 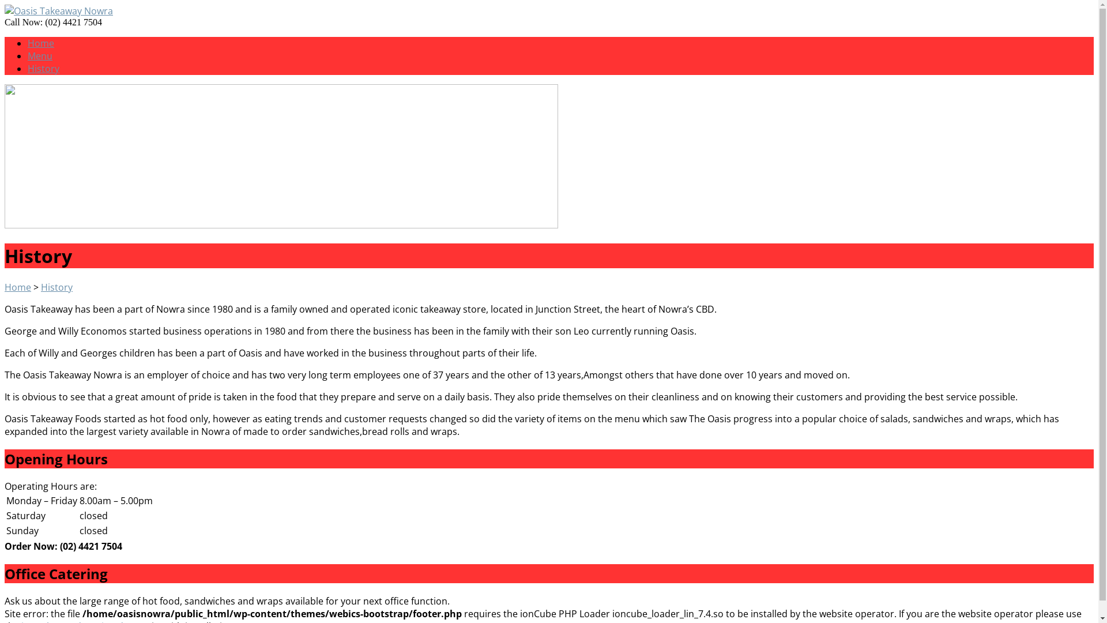 What do you see at coordinates (40, 55) in the screenshot?
I see `'Menu'` at bounding box center [40, 55].